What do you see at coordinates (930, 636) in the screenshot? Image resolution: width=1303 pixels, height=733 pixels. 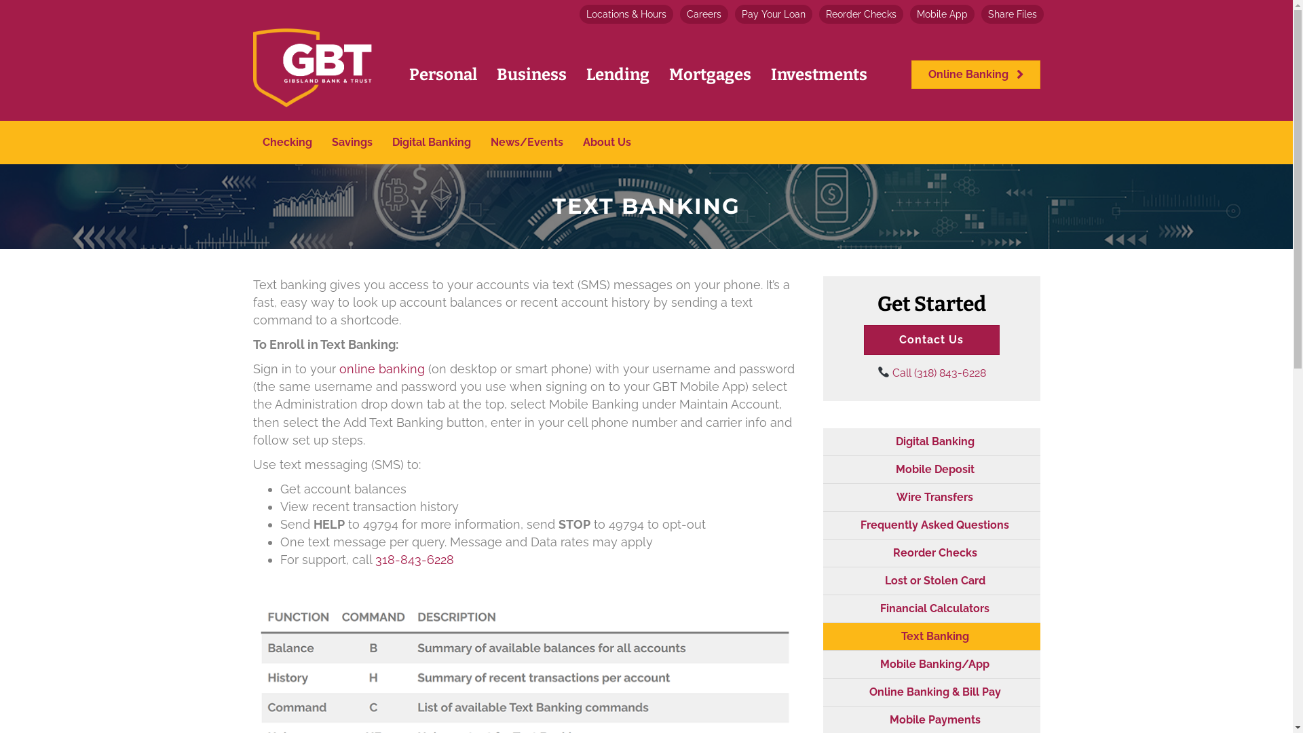 I see `'Text Banking'` at bounding box center [930, 636].